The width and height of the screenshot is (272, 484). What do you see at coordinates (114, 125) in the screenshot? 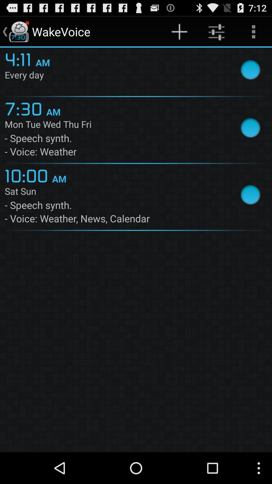
I see `item below 7:30 icon` at bounding box center [114, 125].